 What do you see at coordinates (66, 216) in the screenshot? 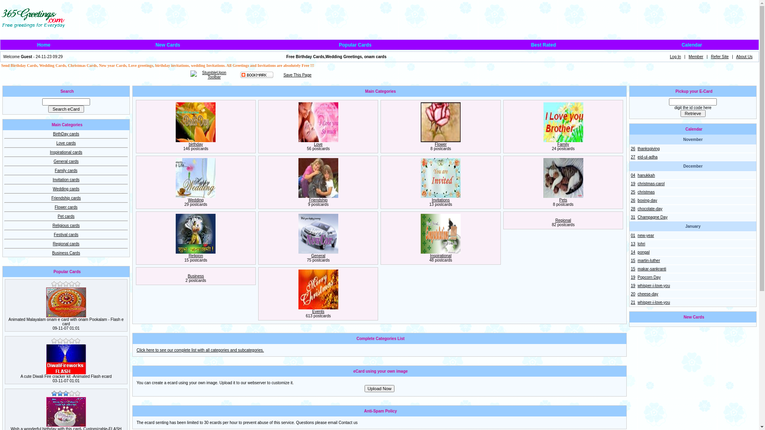
I see `'Pet cards'` at bounding box center [66, 216].